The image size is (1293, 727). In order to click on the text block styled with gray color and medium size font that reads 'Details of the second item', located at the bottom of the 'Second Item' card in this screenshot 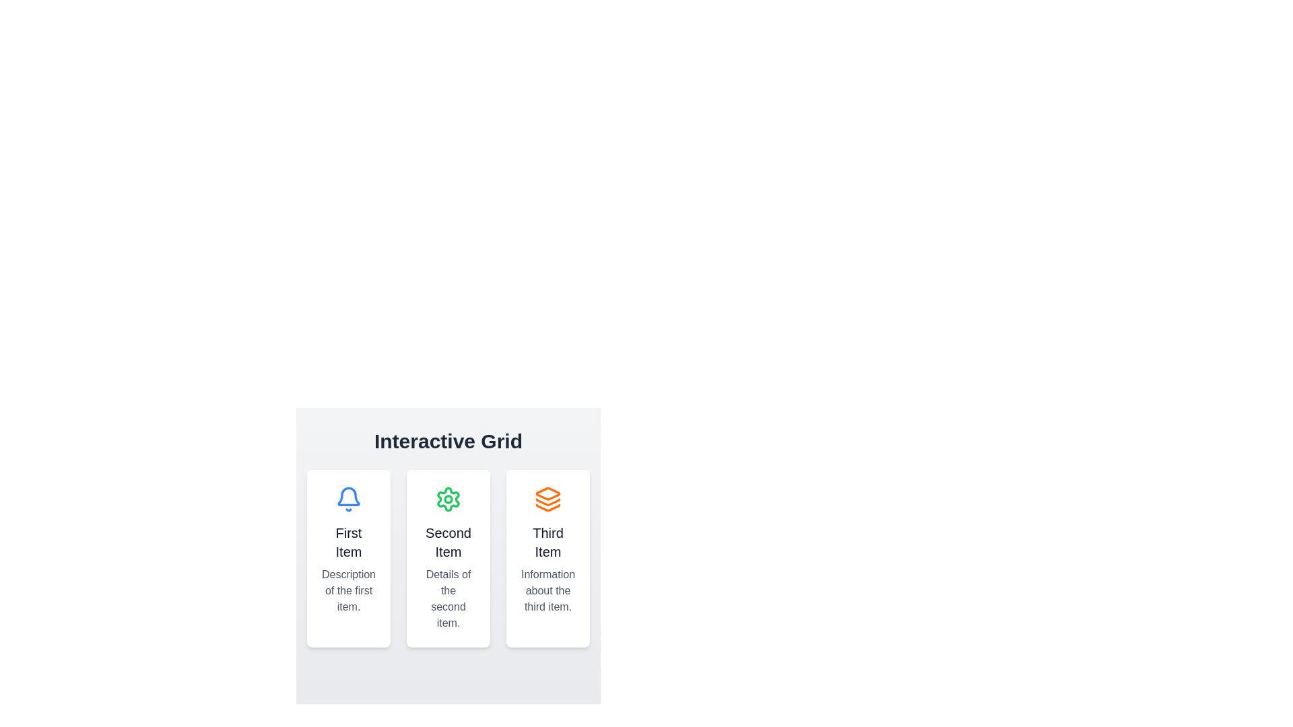, I will do `click(449, 598)`.